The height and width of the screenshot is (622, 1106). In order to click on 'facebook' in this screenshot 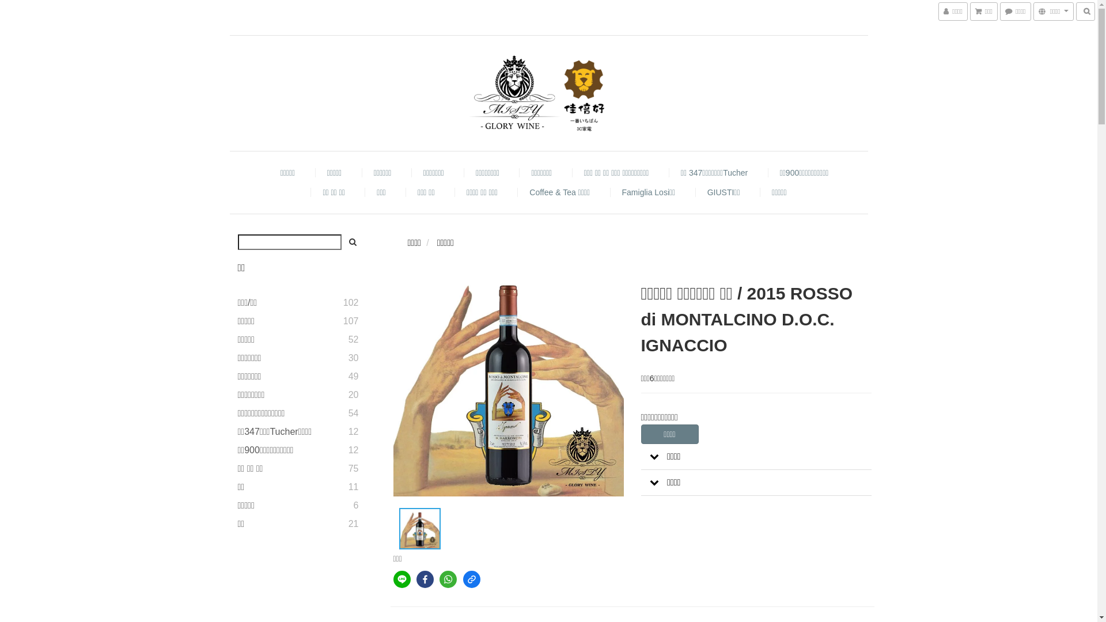, I will do `click(425, 579)`.